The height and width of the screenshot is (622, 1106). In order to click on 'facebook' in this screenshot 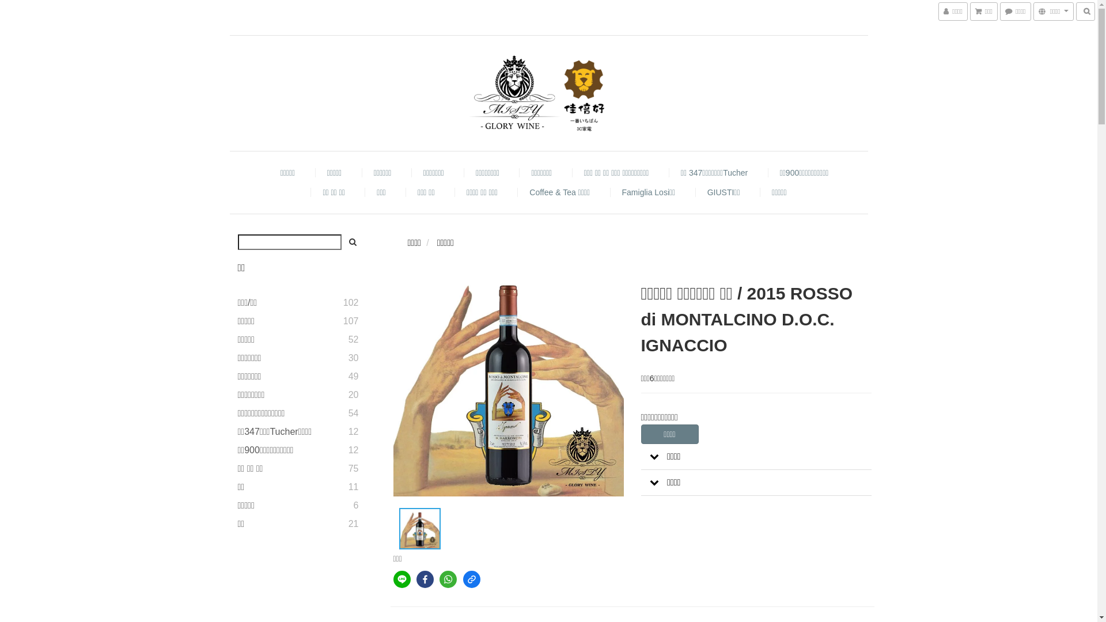, I will do `click(425, 579)`.